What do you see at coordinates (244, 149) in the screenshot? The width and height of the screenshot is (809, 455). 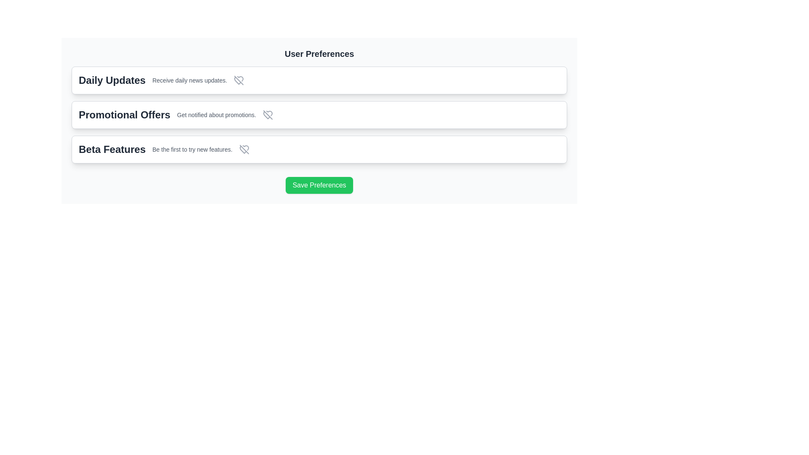 I see `the SVG Icon located in the 'Beta Features' section, to the right of the text 'Be the first to try new features.'` at bounding box center [244, 149].